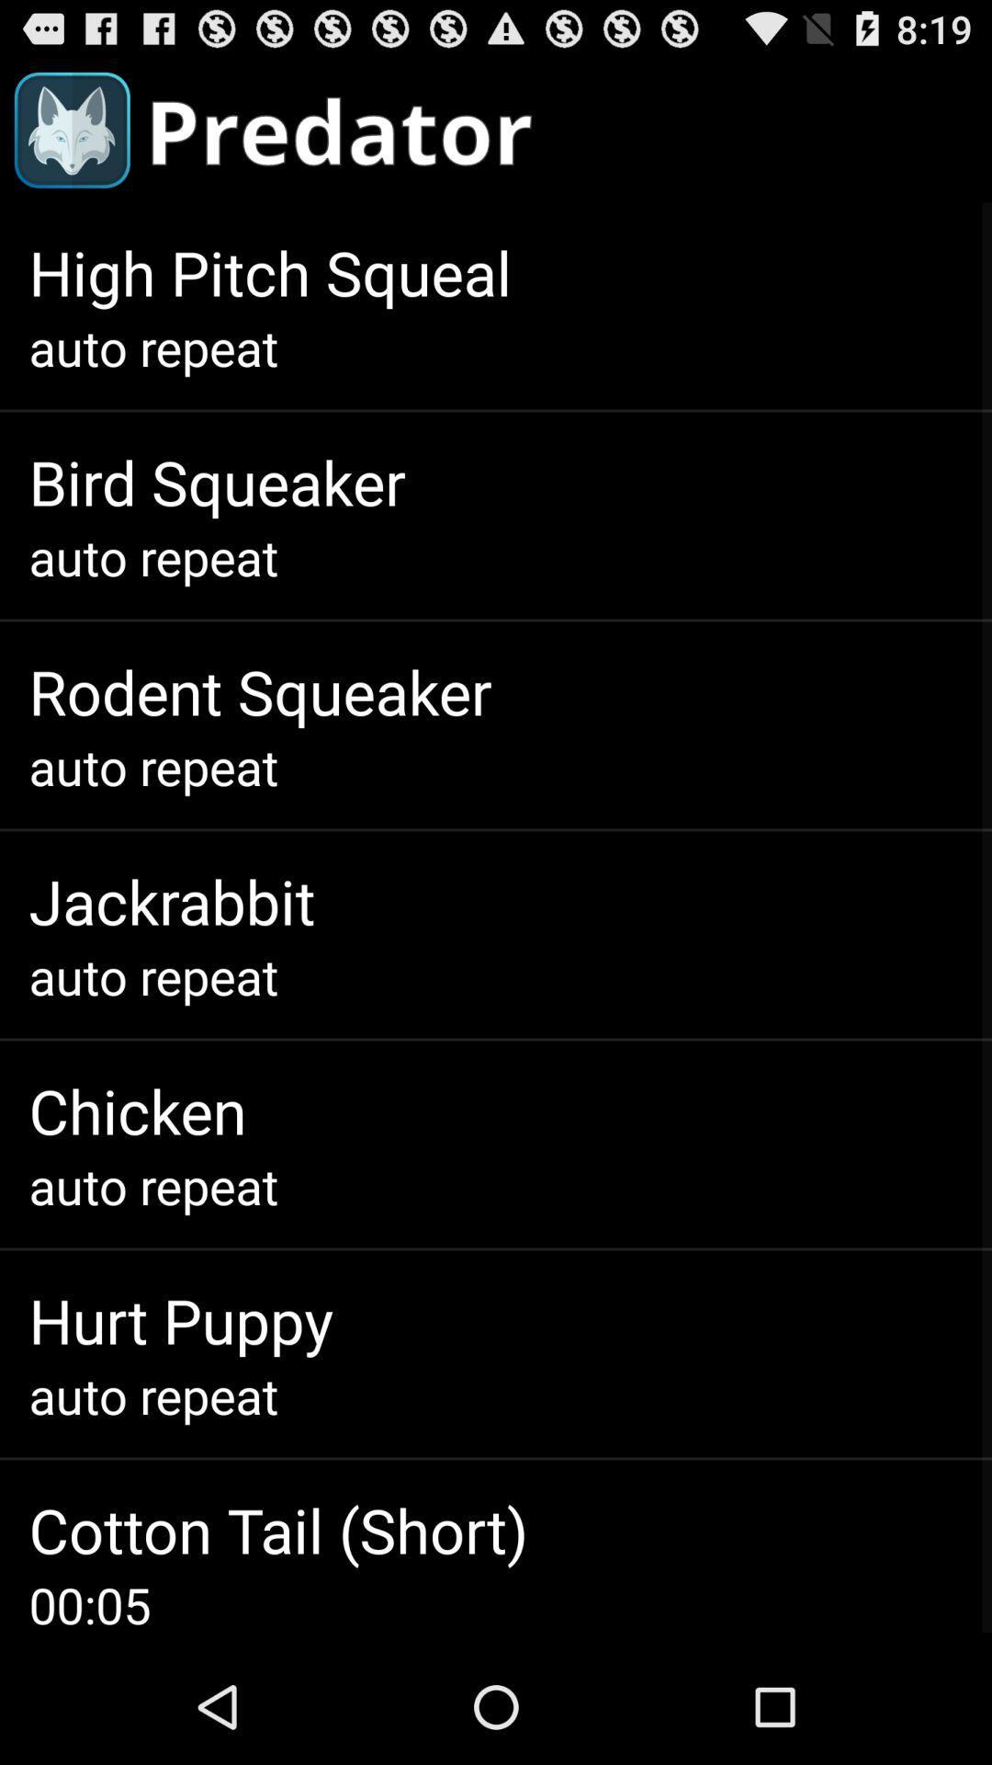  Describe the element at coordinates (216, 482) in the screenshot. I see `the bird squeaker item` at that location.